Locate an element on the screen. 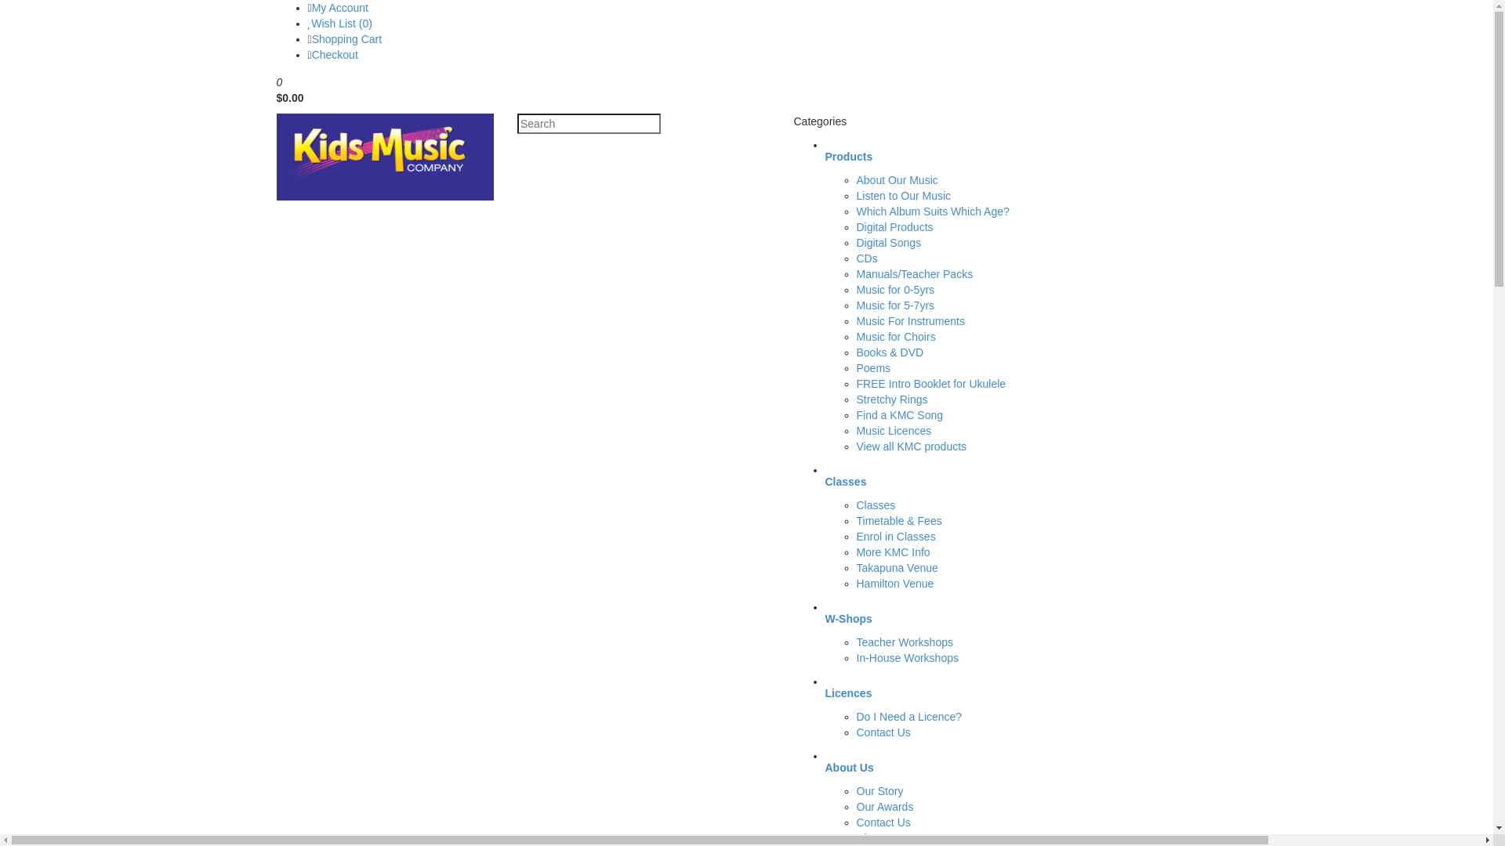  'Music Licences' is located at coordinates (894, 431).